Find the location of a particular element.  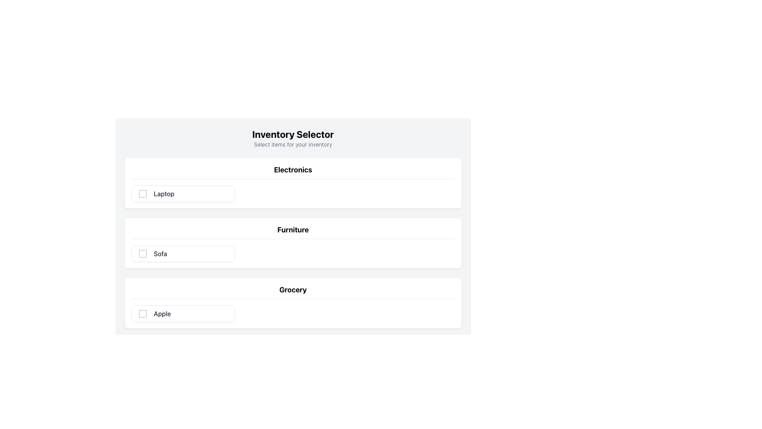

the text label displaying 'Laptop' located to the right of the checkbox icon in the 'Electronics' section is located at coordinates (164, 194).